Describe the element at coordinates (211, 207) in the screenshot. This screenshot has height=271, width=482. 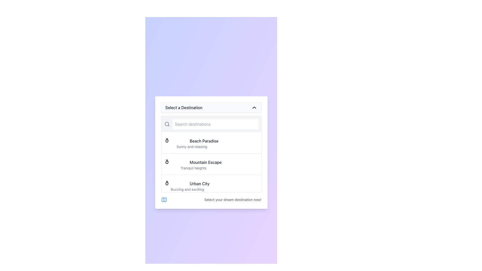
I see `the 'Forest Retreat' selector card, which features a vibrant blue icon, bold primary text 'Forest Retreat', and smaller secondary text 'Peaceful and green'. It is the fourth item in a scrollable list, located below the 'Urban City' card` at that location.